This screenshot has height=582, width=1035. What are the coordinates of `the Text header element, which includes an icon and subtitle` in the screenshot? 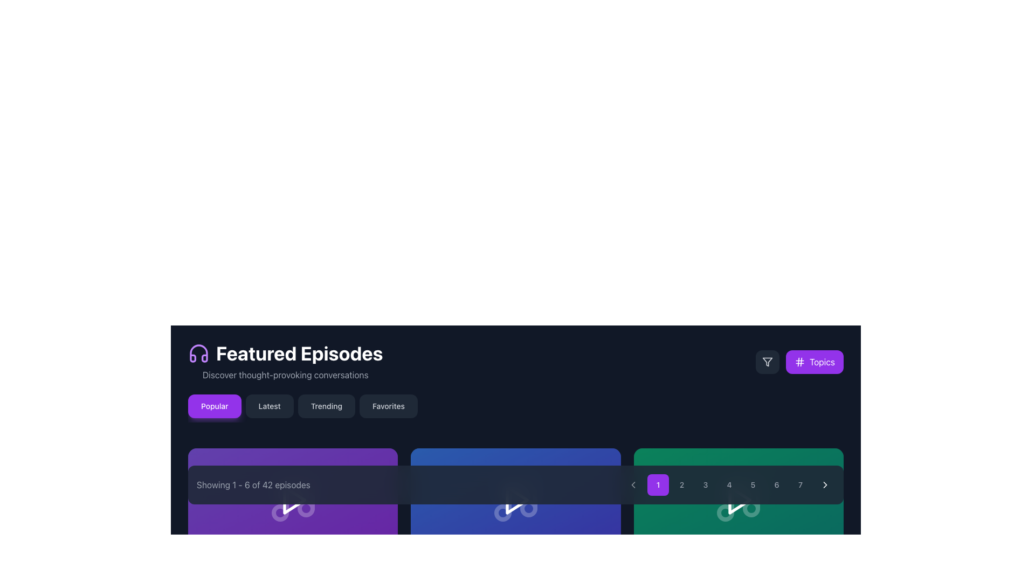 It's located at (285, 362).